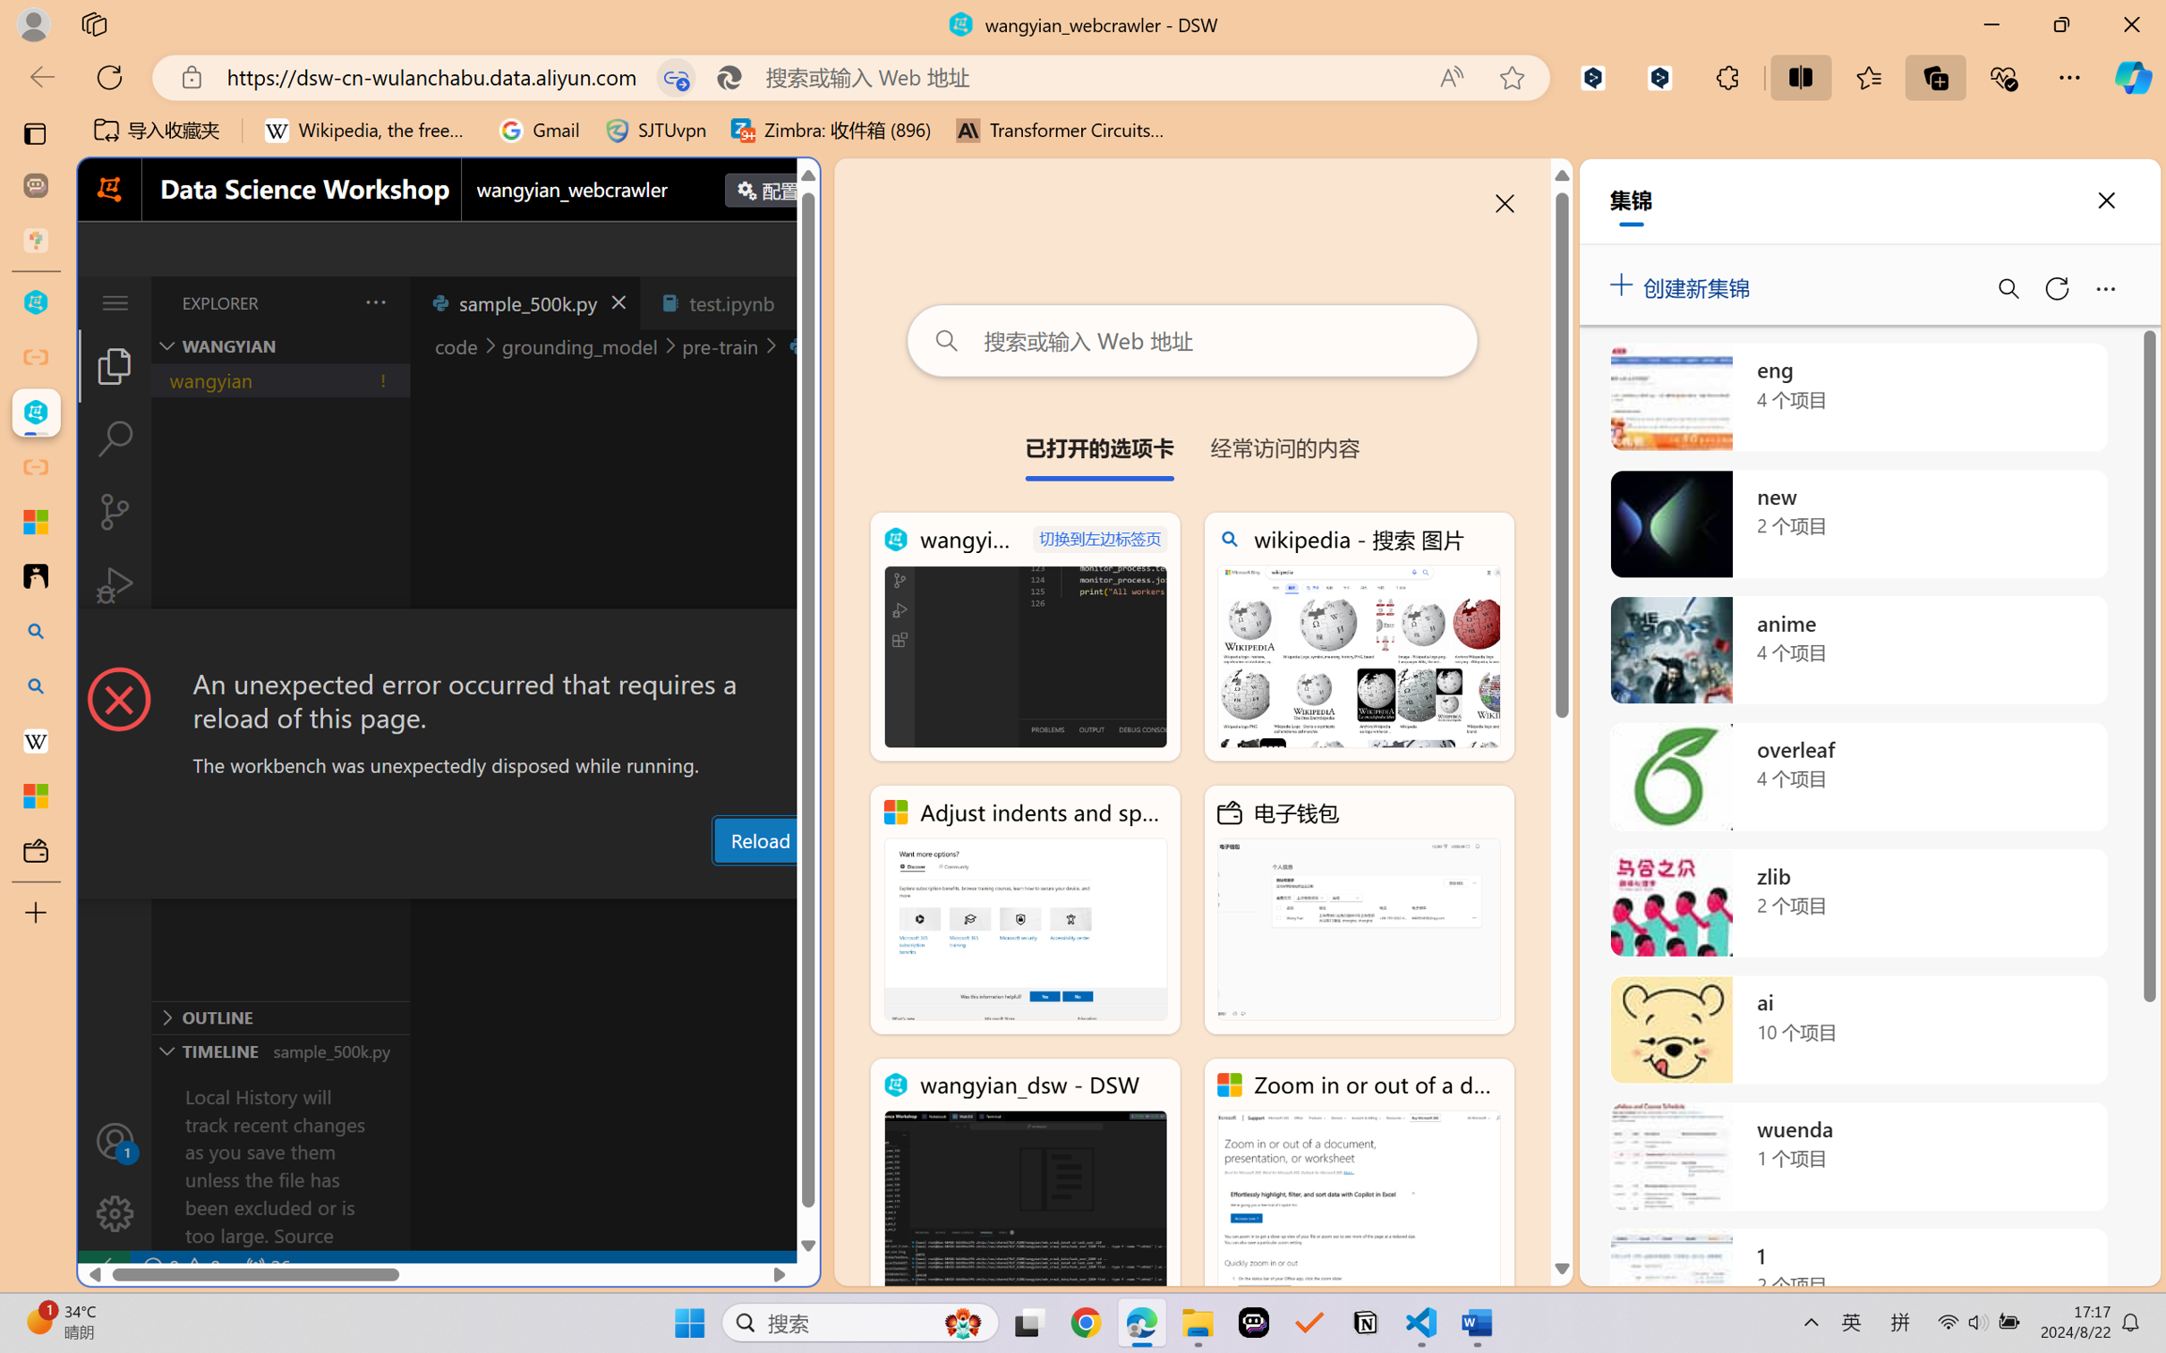 The height and width of the screenshot is (1353, 2166). Describe the element at coordinates (374, 302) in the screenshot. I see `'Views and More Actions...'` at that location.